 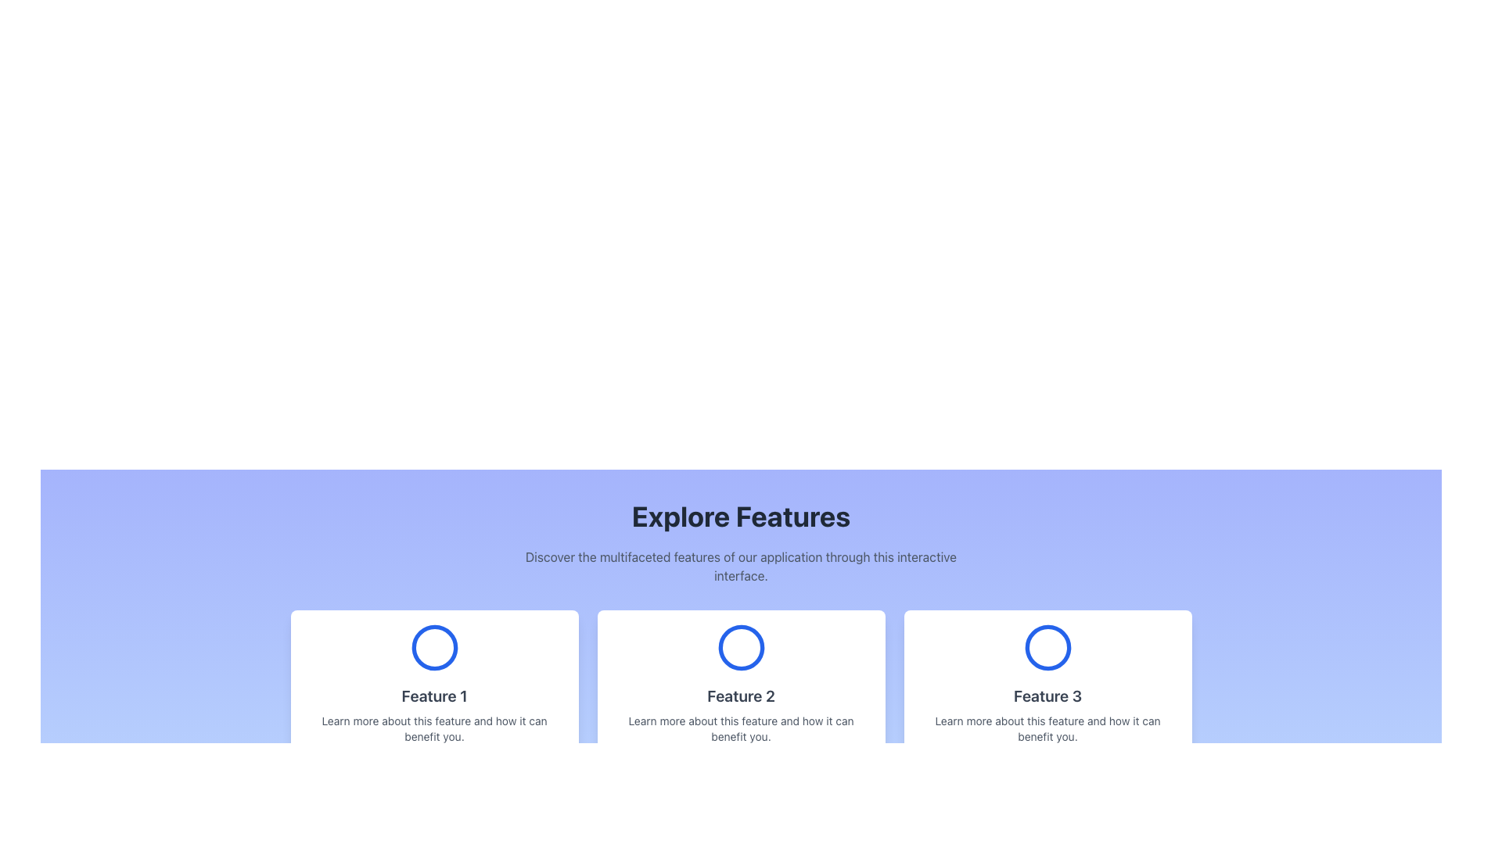 I want to click on text element located centrally within the first card, which serves as a title for the feature described in the card, so click(x=434, y=696).